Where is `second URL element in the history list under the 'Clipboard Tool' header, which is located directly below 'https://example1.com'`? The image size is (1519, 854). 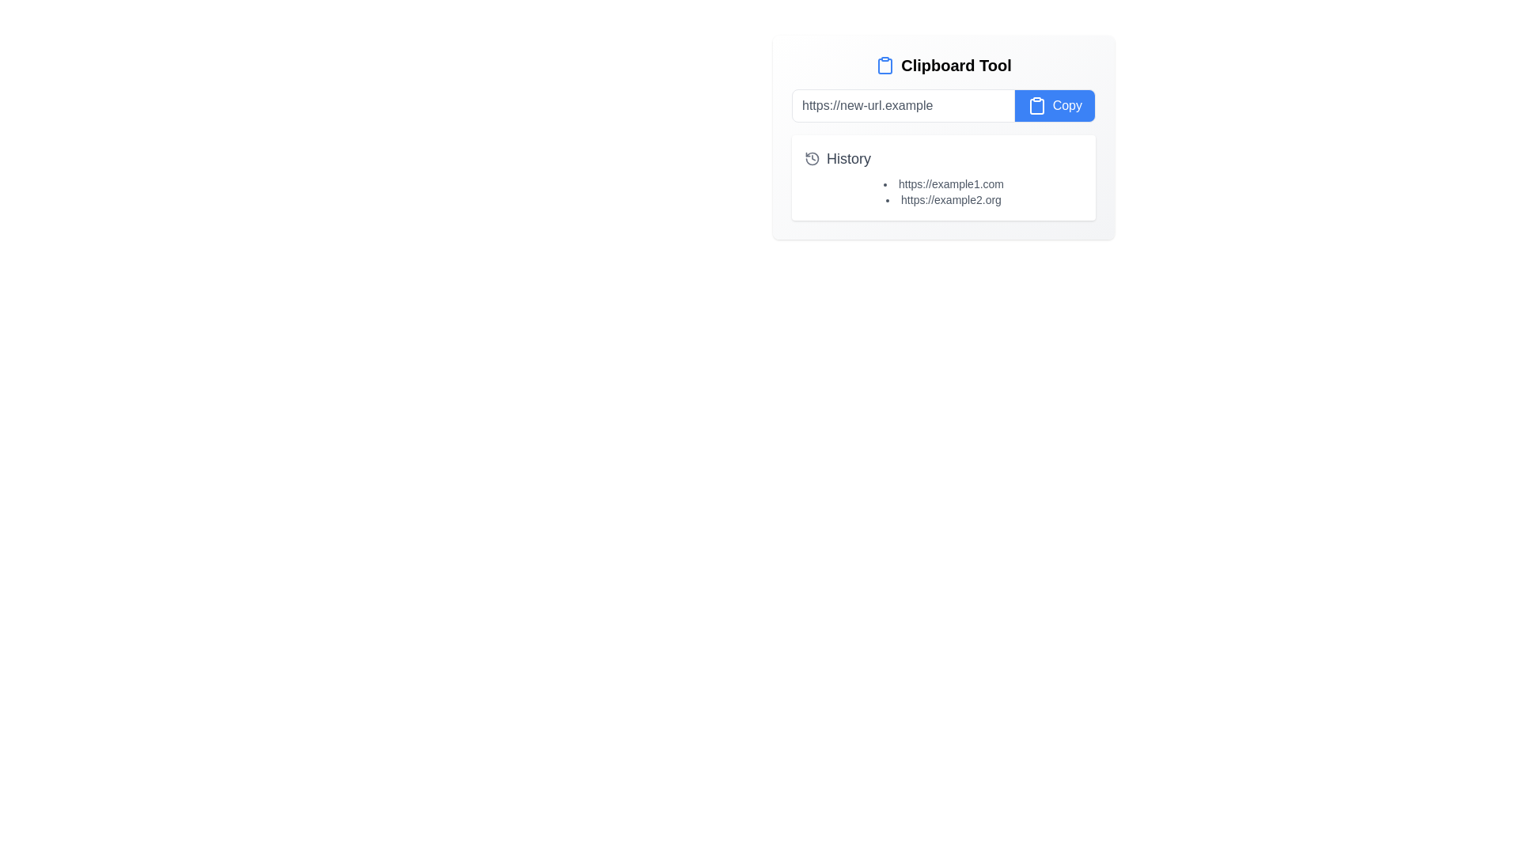 second URL element in the history list under the 'Clipboard Tool' header, which is located directly below 'https://example1.com' is located at coordinates (944, 199).